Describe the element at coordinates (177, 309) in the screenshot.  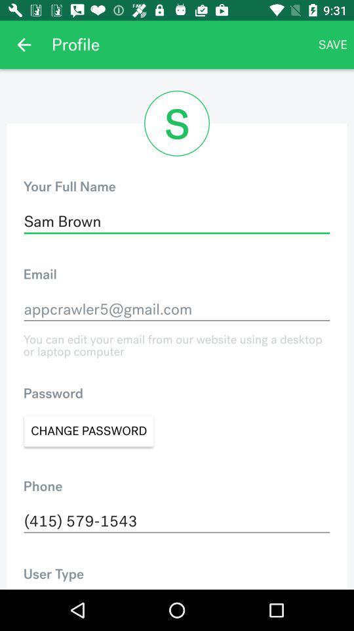
I see `the item below the email icon` at that location.